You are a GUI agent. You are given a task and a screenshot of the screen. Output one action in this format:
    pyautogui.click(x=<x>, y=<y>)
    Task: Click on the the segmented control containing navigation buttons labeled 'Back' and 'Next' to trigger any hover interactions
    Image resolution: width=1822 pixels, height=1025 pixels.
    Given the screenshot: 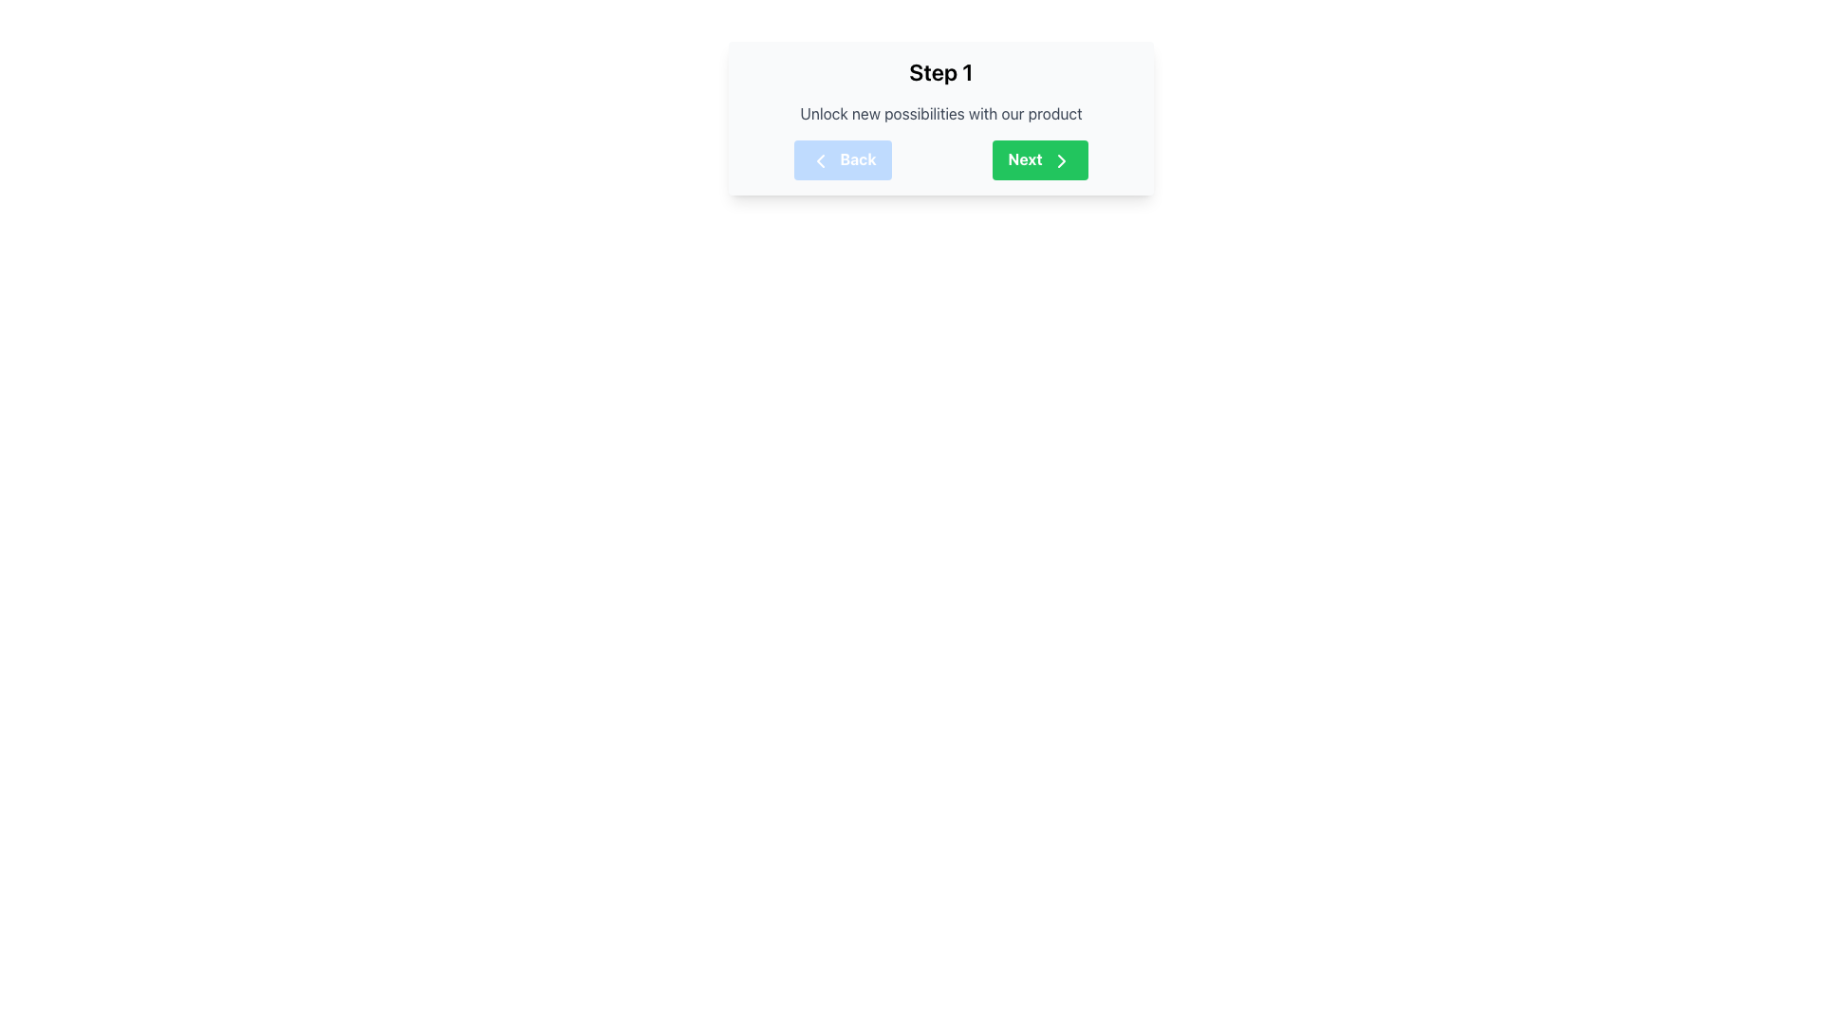 What is the action you would take?
    pyautogui.click(x=941, y=158)
    